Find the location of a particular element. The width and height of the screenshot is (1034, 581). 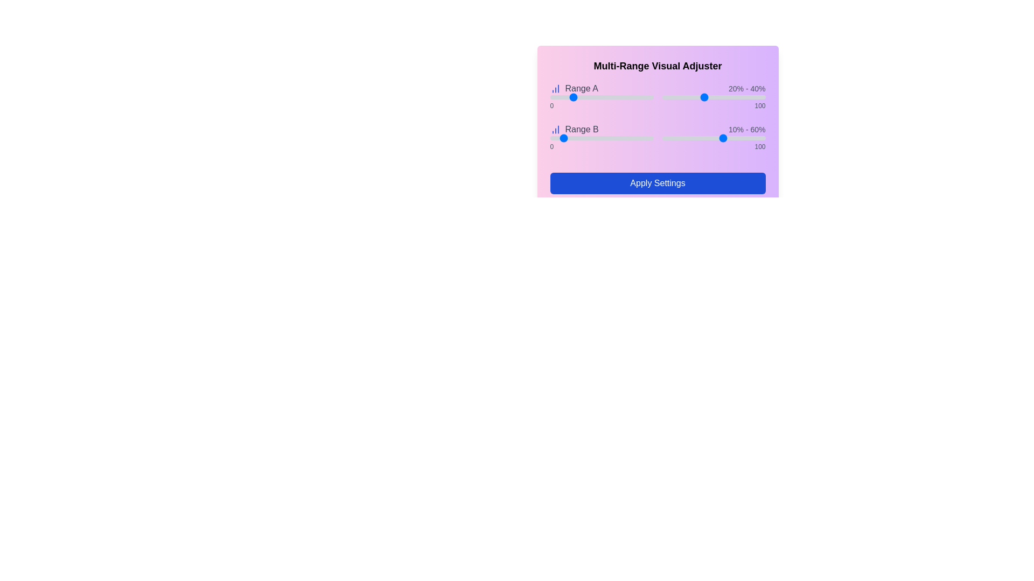

the Range B slider is located at coordinates (764, 138).